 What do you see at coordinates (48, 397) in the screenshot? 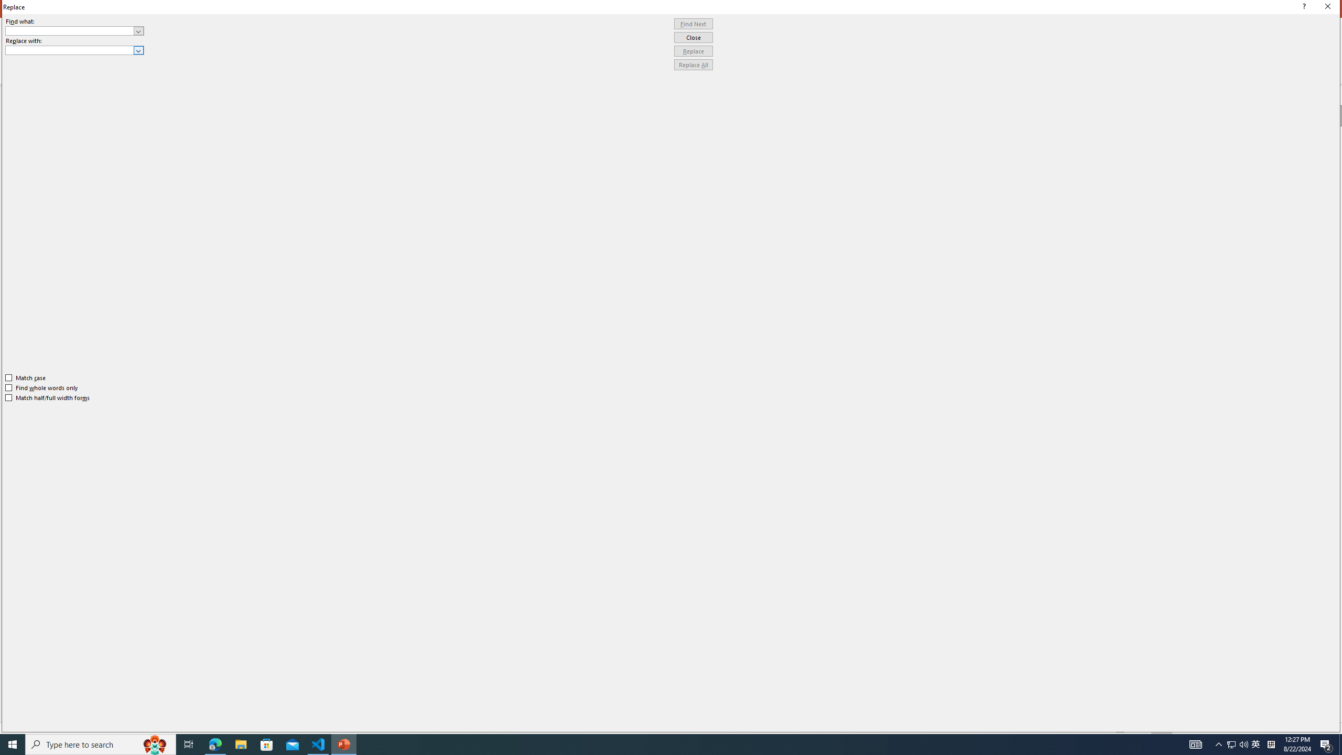
I see `'Match half/full width forms'` at bounding box center [48, 397].